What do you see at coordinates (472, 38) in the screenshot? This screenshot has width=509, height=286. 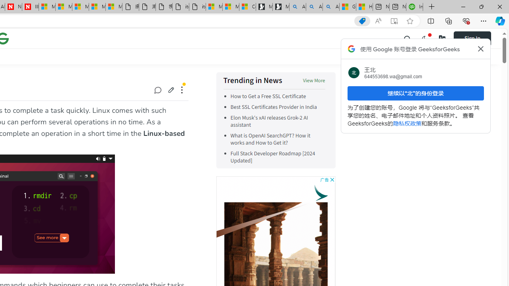 I see `'Sign In'` at bounding box center [472, 38].